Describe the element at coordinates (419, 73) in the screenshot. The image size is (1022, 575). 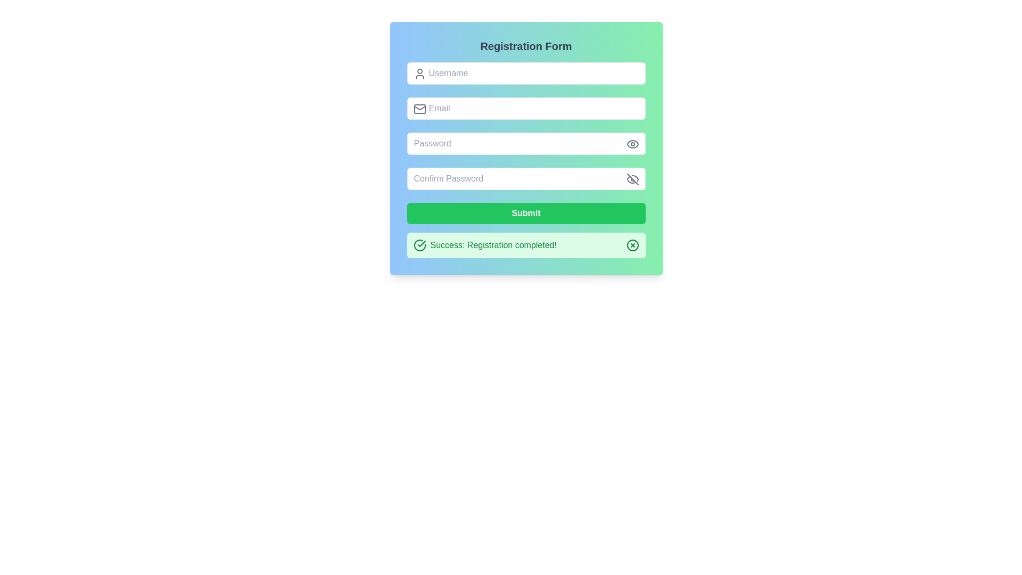
I see `the SVG icon that visually indicates the purpose of the username input field, located on the left-hand side of the first input field` at that location.